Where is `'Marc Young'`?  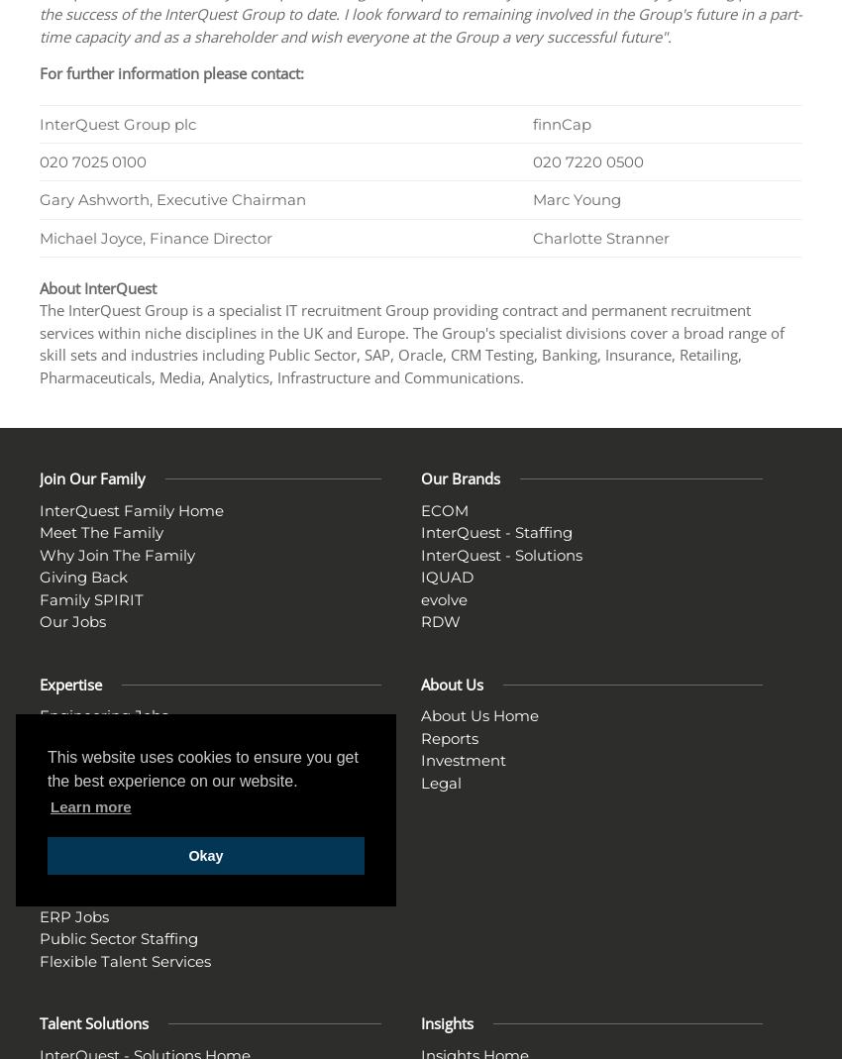 'Marc Young' is located at coordinates (531, 199).